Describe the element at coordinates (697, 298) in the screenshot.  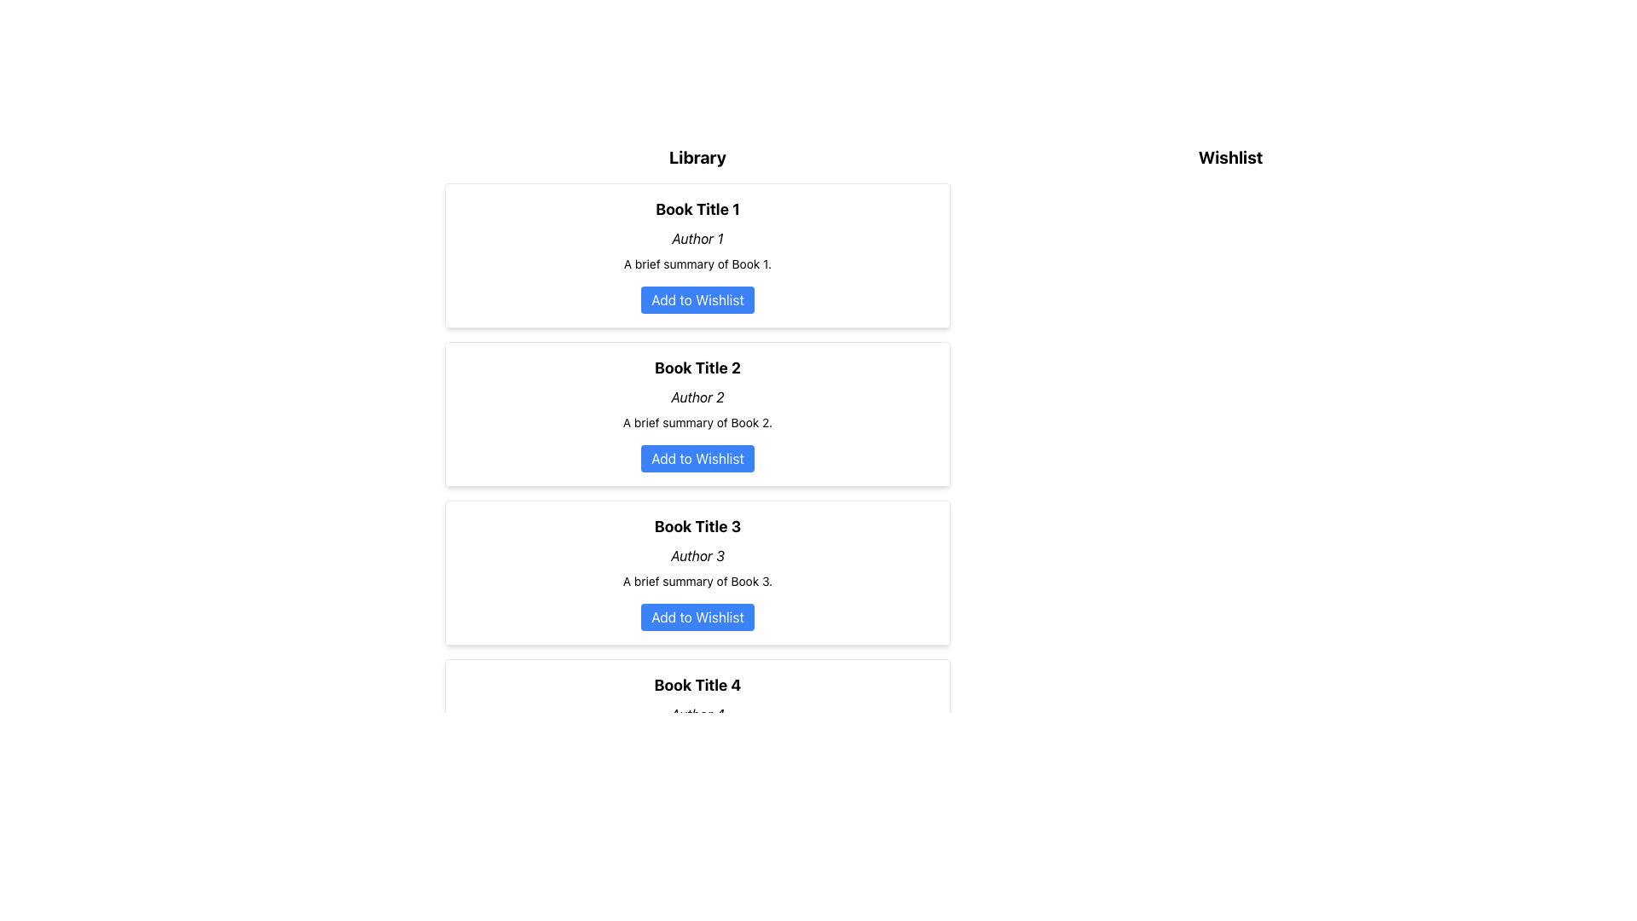
I see `the 'Add to Wishlist' button at the bottom of the 'Book Title 1' card` at that location.